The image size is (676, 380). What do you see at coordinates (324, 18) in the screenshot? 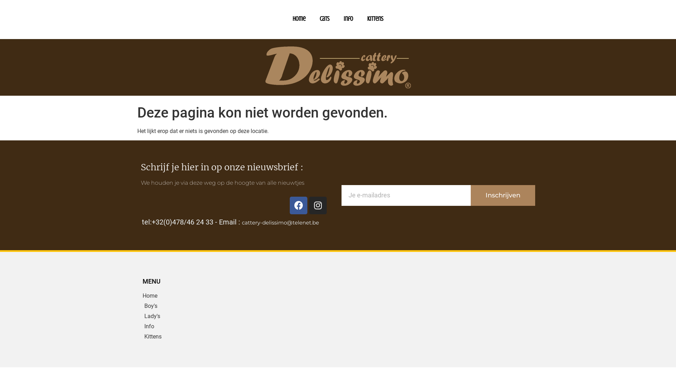
I see `'Cats'` at bounding box center [324, 18].